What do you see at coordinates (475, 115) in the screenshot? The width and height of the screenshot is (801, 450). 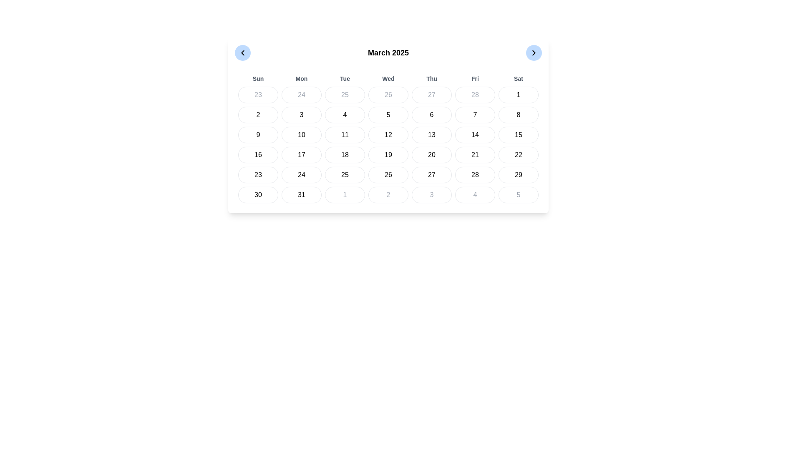 I see `the button displaying the numeral '7', which is the sixth button in a row of weekly calendar buttons, to trigger extended actions` at bounding box center [475, 115].